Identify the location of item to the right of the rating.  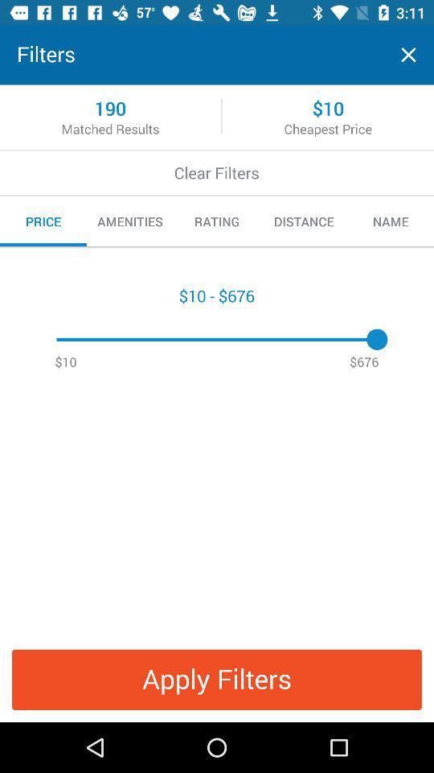
(304, 221).